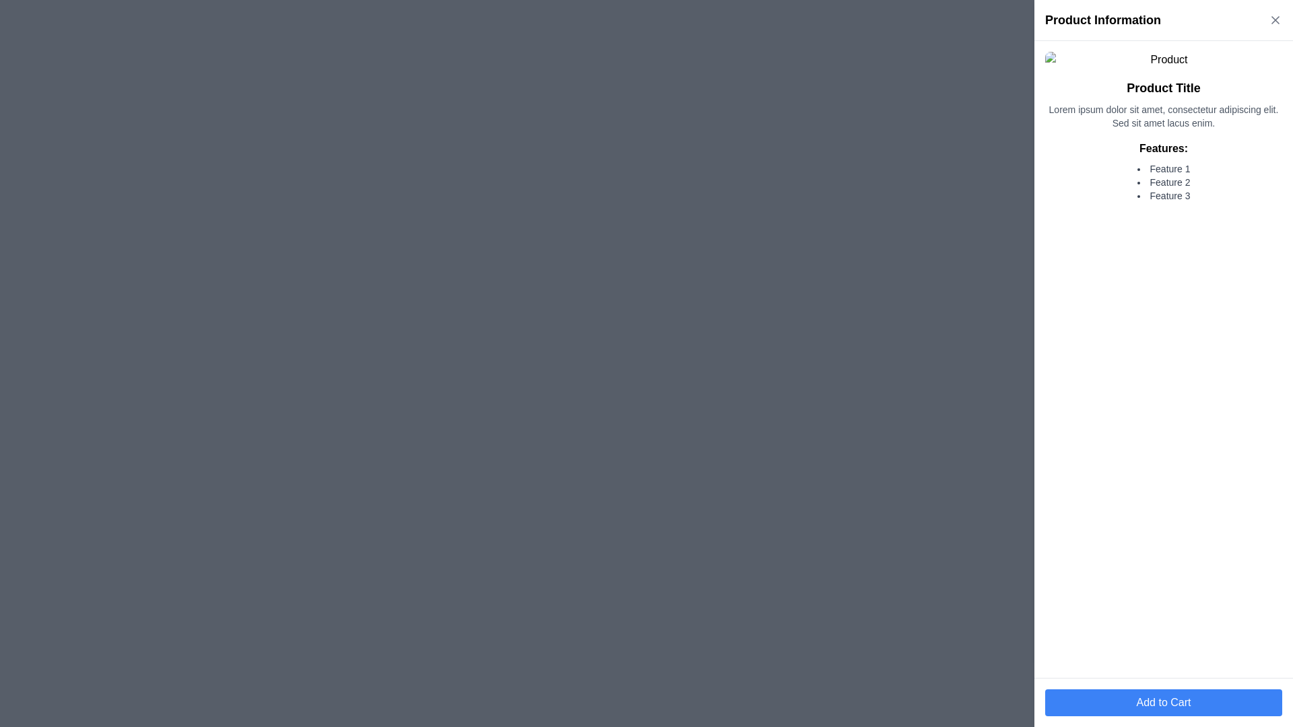  Describe the element at coordinates (1163, 182) in the screenshot. I see `the second item in the bullet-point list under the 'Features' heading, which is a non-interactive text descriptor between 'Feature 1' and 'Feature 3'` at that location.